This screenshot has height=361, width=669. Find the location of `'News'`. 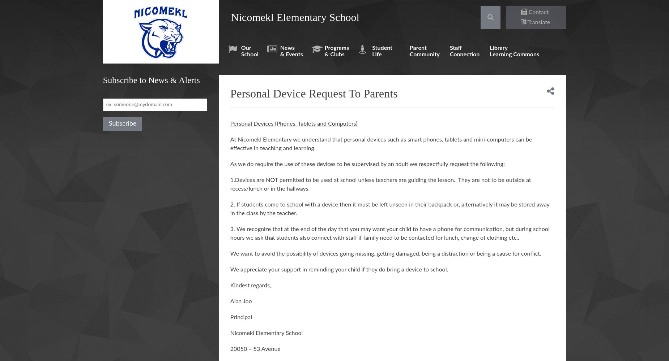

'News' is located at coordinates (280, 48).